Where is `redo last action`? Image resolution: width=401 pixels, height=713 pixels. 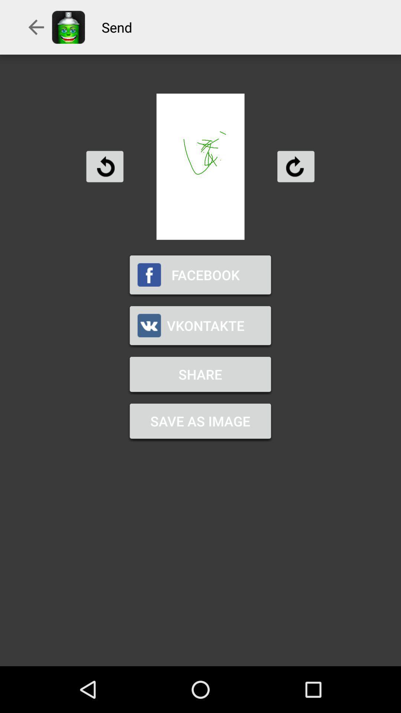 redo last action is located at coordinates (295, 166).